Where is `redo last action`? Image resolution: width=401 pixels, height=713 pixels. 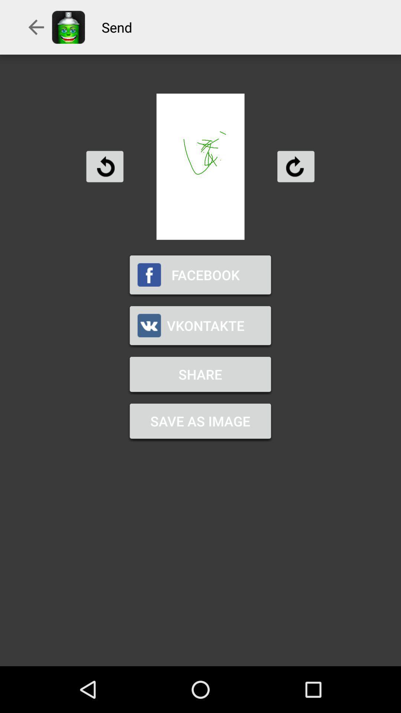 redo last action is located at coordinates (295, 166).